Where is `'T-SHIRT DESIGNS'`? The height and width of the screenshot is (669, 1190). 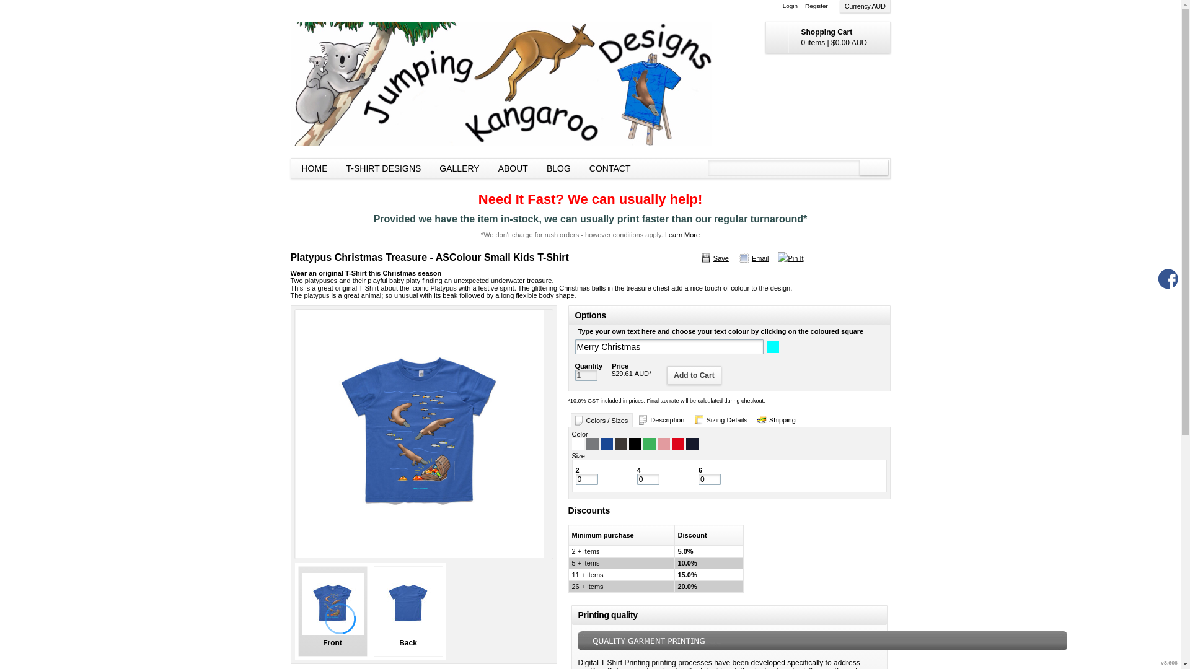 'T-SHIRT DESIGNS' is located at coordinates (383, 168).